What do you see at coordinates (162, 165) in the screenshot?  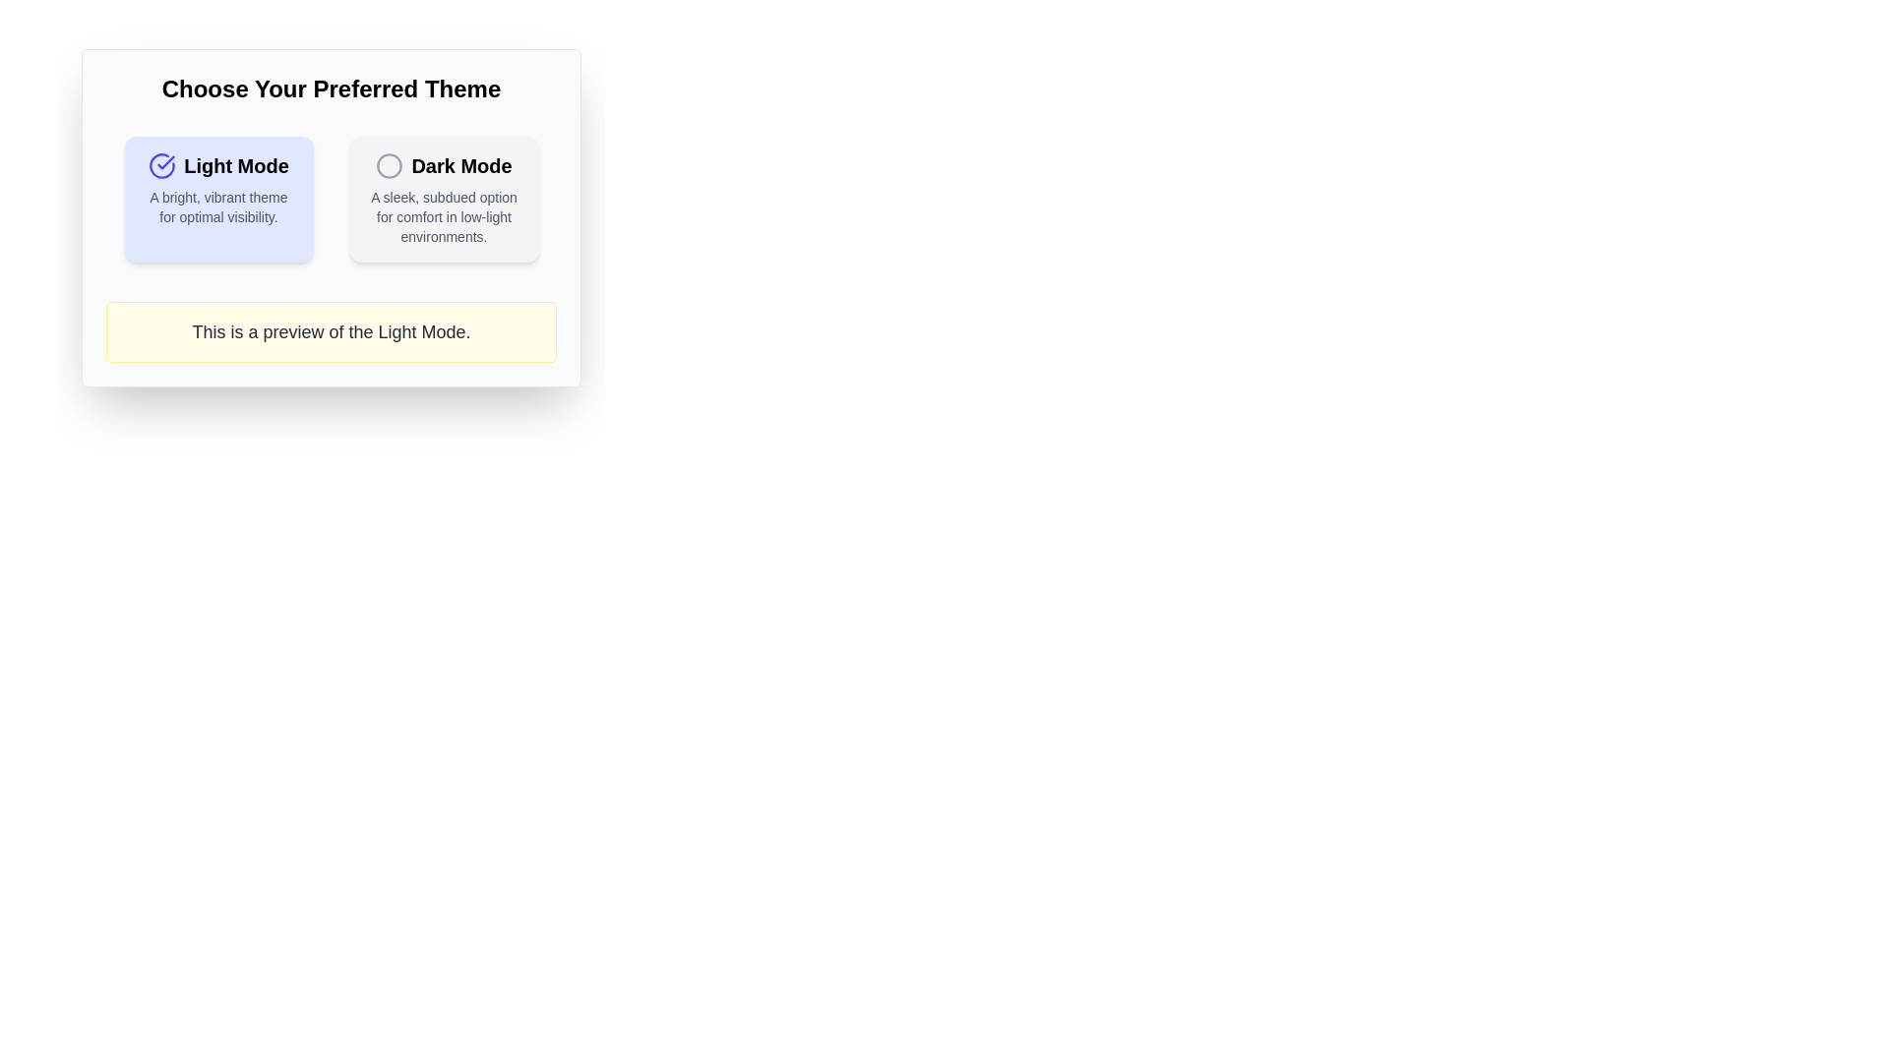 I see `the vibrant indigo circular icon with a checkmark located to the left of the 'Light Mode' text` at bounding box center [162, 165].